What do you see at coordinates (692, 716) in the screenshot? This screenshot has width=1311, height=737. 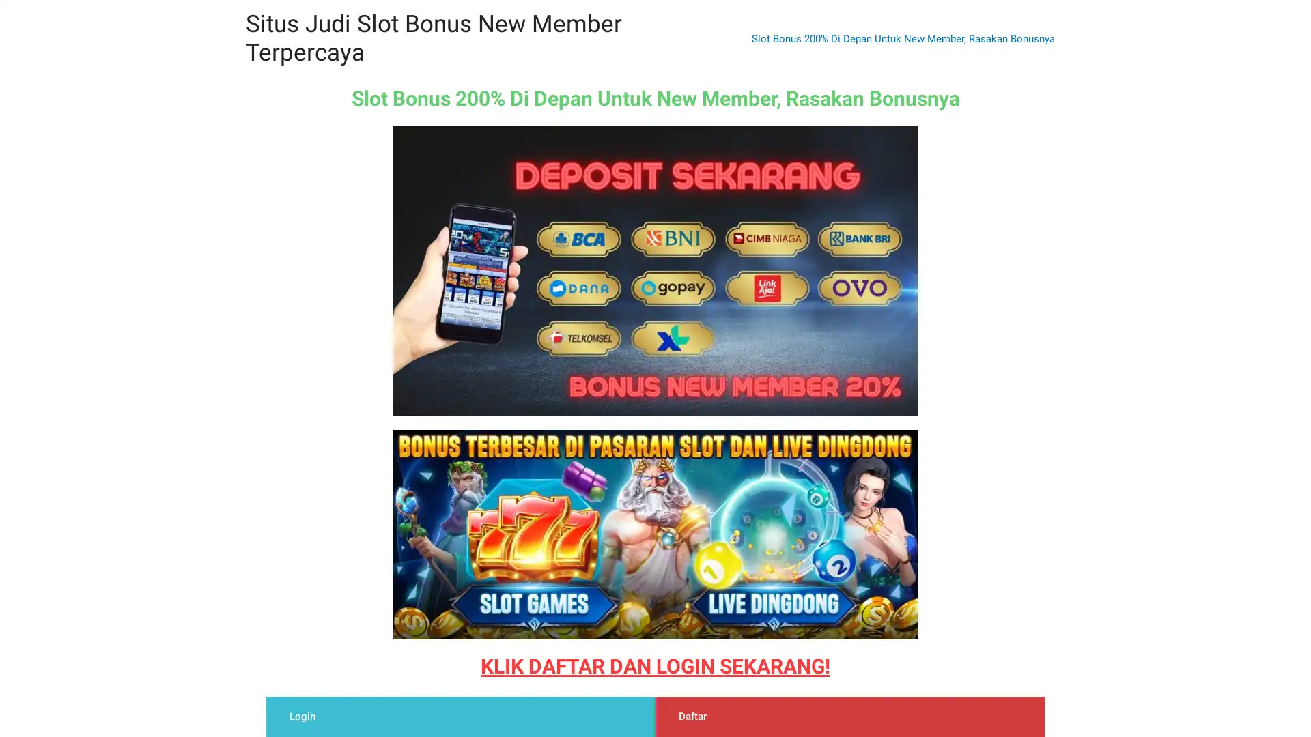 I see `Daftar` at bounding box center [692, 716].